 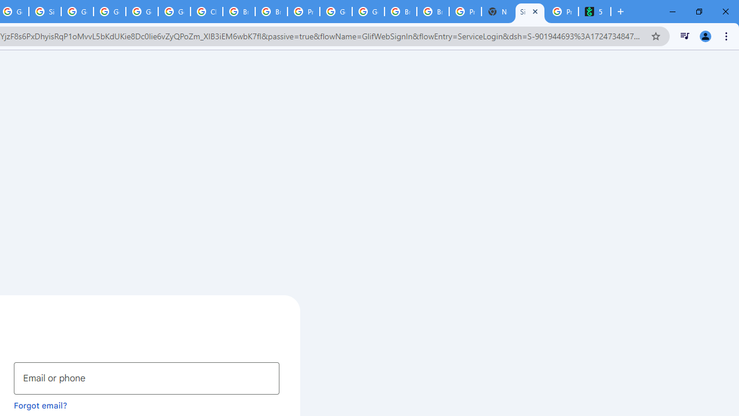 What do you see at coordinates (146, 378) in the screenshot?
I see `'Email or phone'` at bounding box center [146, 378].